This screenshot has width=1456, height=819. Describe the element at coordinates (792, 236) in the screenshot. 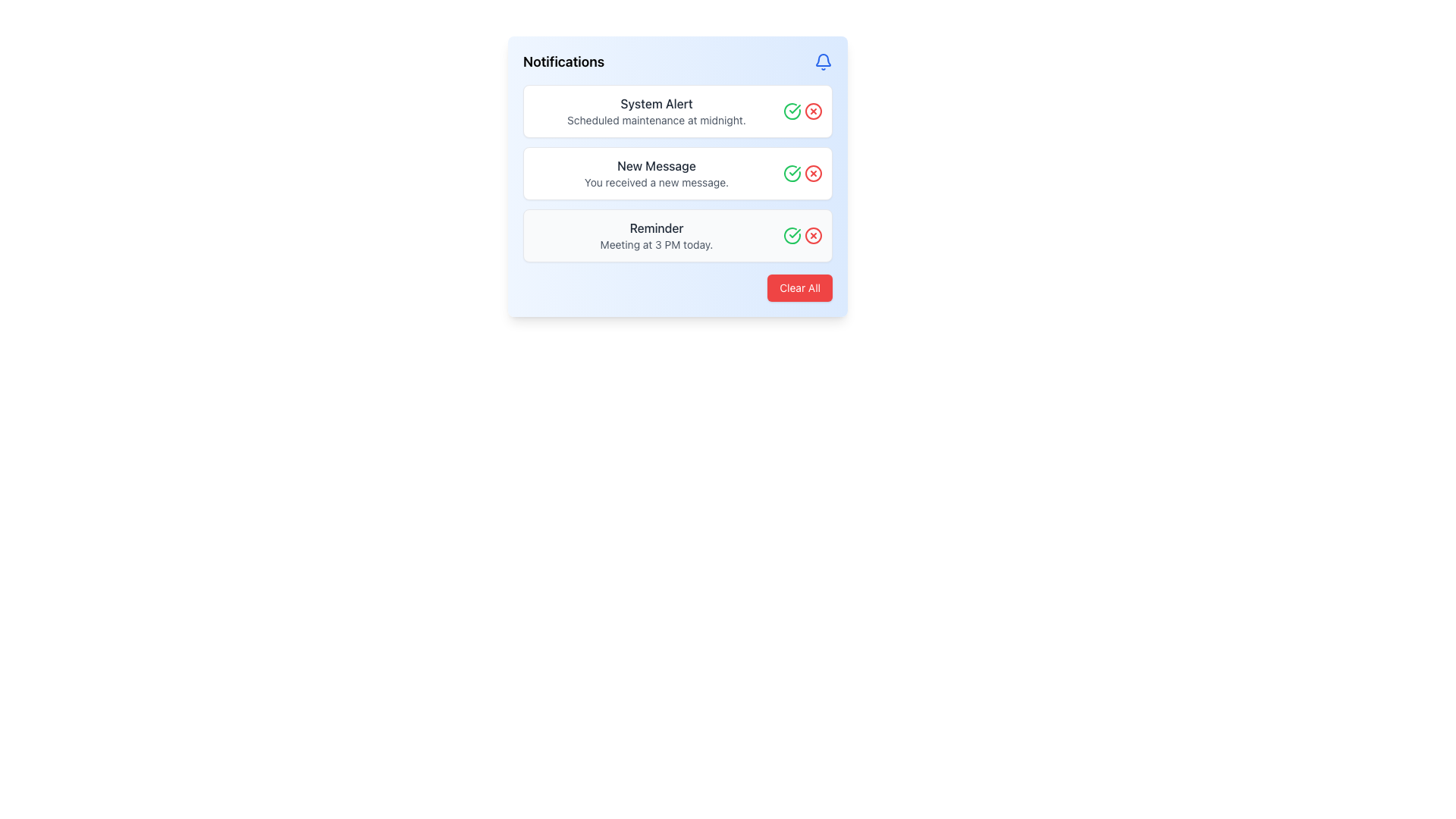

I see `the outer circular boundary of the checkmark icon located to the right of the 'Reminder' section in the notifications panel` at that location.